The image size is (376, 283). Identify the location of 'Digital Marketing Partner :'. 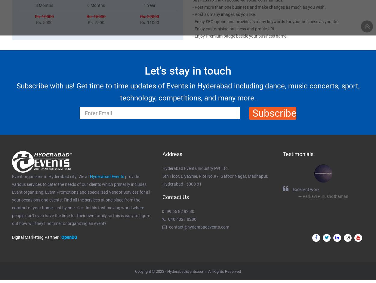
(36, 237).